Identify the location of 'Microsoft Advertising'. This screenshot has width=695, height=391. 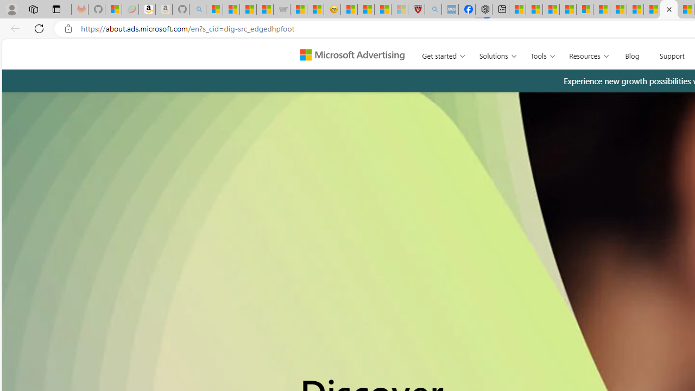
(357, 54).